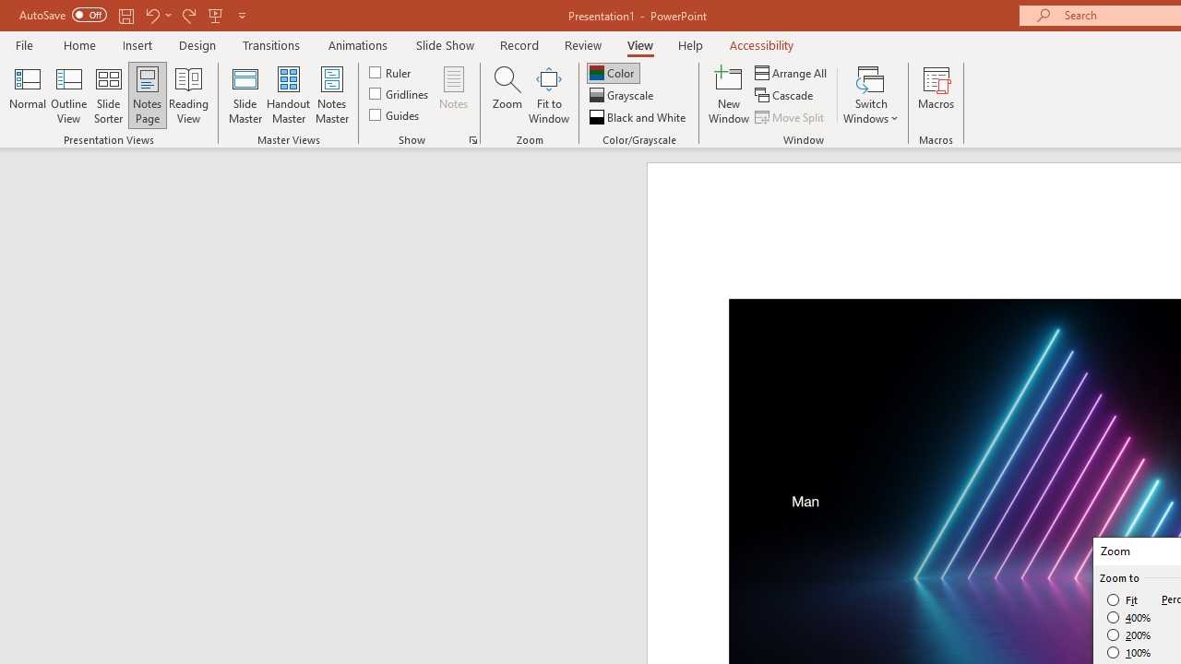  What do you see at coordinates (792, 72) in the screenshot?
I see `'Arrange All'` at bounding box center [792, 72].